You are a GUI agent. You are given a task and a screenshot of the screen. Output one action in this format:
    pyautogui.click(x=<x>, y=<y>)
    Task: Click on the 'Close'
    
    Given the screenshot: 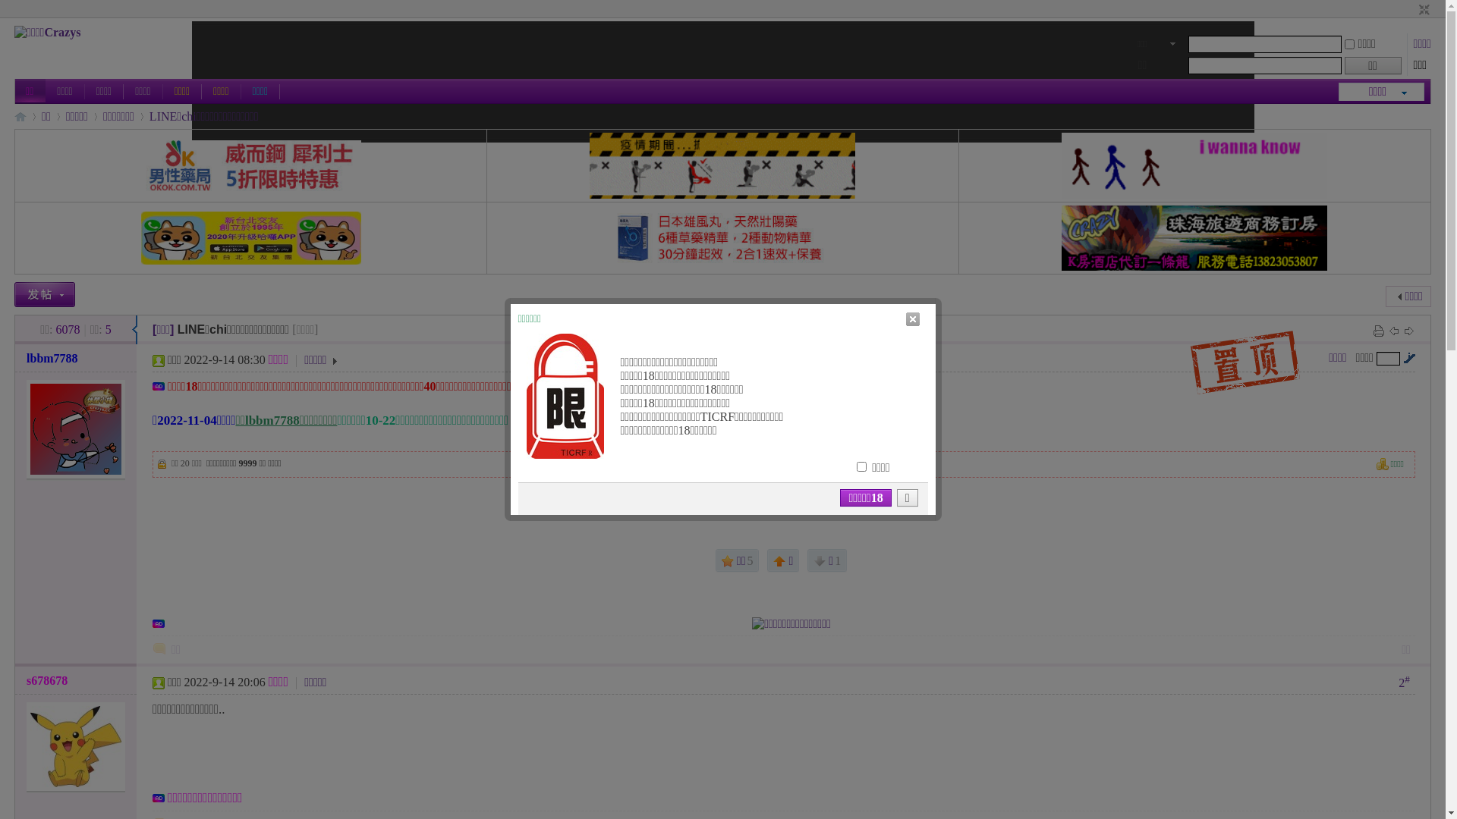 What is the action you would take?
    pyautogui.click(x=904, y=318)
    